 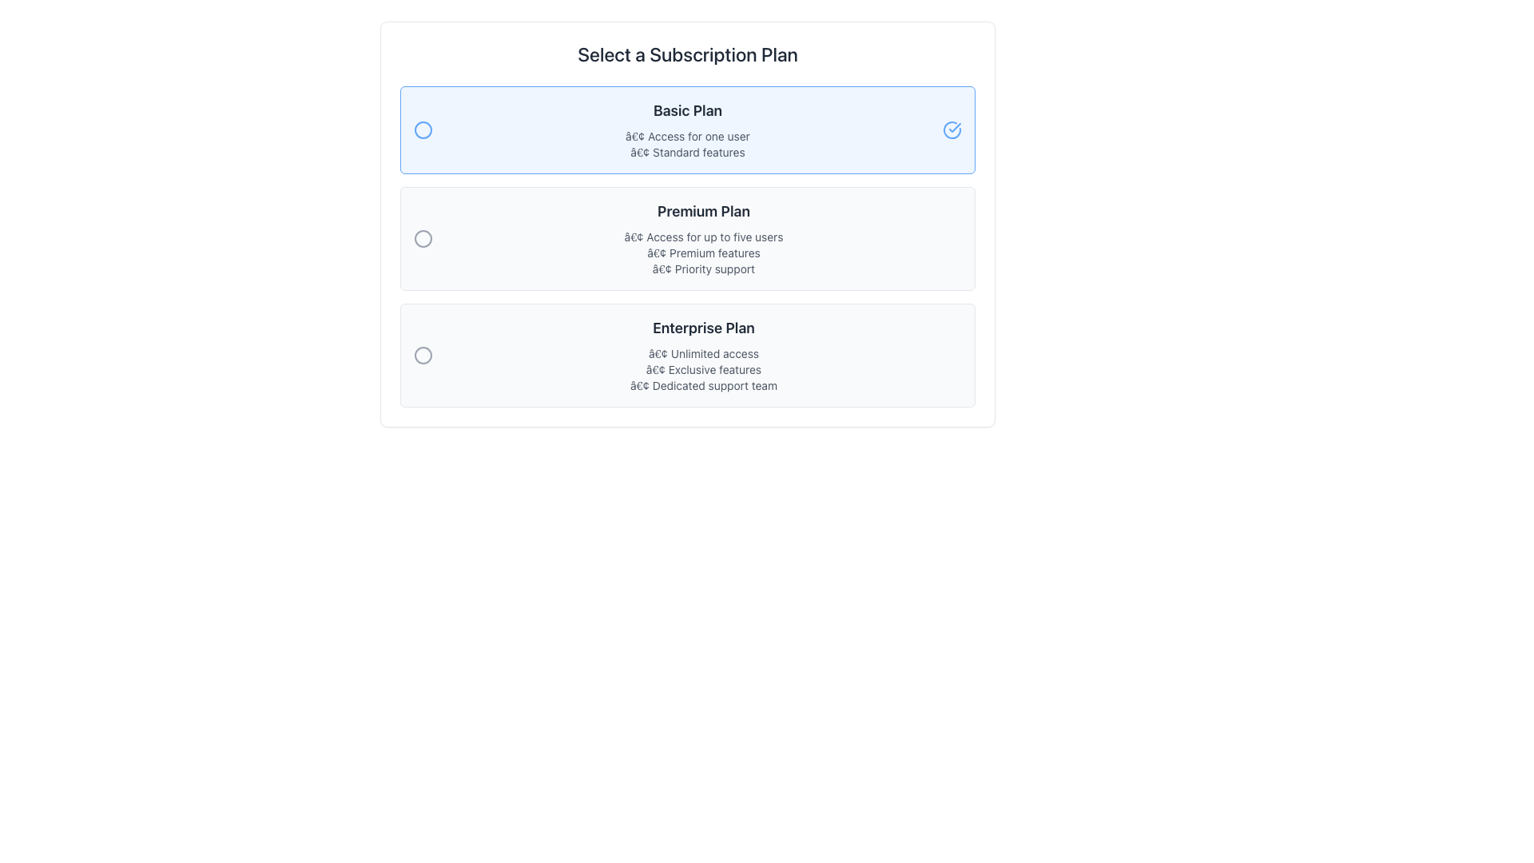 I want to click on the radio button for the 'Premium Plan' subscription option, which serves as a selectable indicator for this plan, so click(x=423, y=239).